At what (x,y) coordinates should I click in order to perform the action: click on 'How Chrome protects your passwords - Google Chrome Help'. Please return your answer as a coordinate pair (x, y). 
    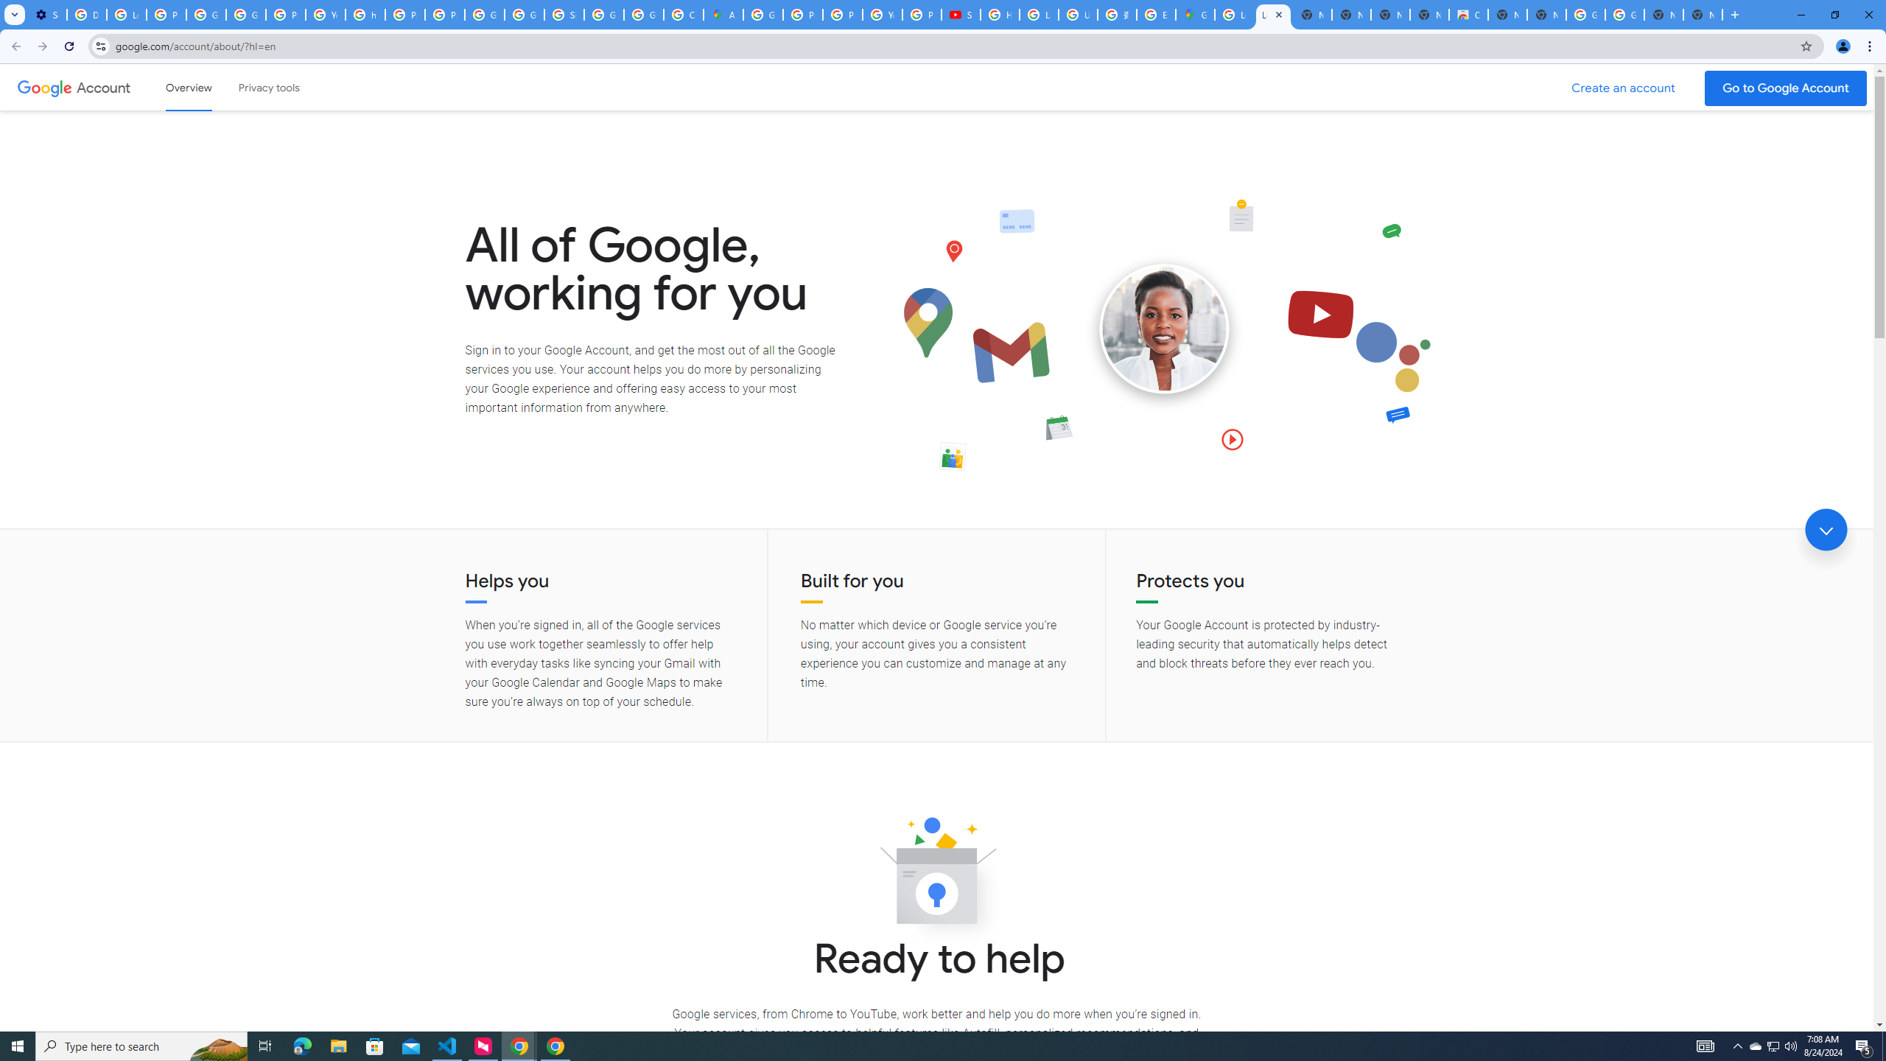
    Looking at the image, I should click on (999, 14).